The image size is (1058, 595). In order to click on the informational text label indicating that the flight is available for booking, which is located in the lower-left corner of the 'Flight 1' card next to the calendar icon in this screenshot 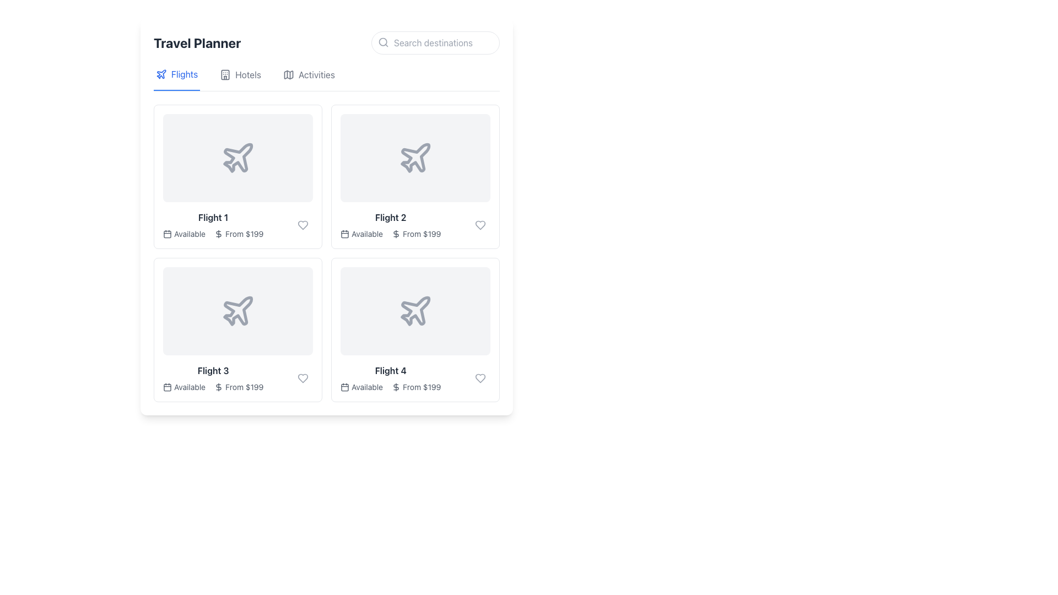, I will do `click(190, 233)`.